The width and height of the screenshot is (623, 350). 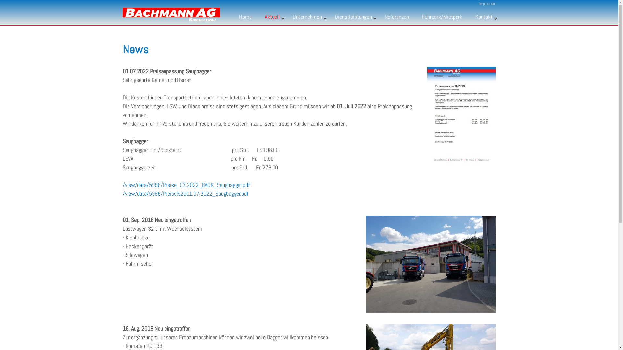 What do you see at coordinates (442, 18) in the screenshot?
I see `'Fuhrpark/Mietpark'` at bounding box center [442, 18].